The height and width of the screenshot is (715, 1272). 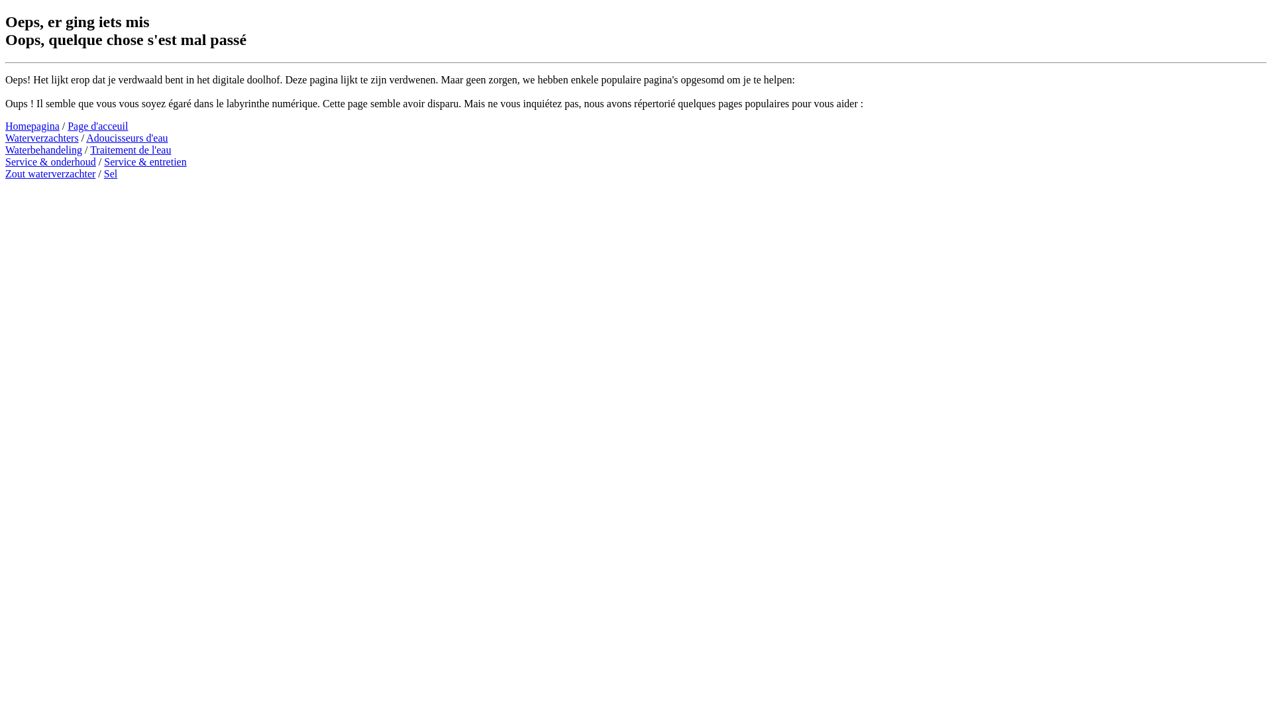 What do you see at coordinates (42, 138) in the screenshot?
I see `'Waterverzachters'` at bounding box center [42, 138].